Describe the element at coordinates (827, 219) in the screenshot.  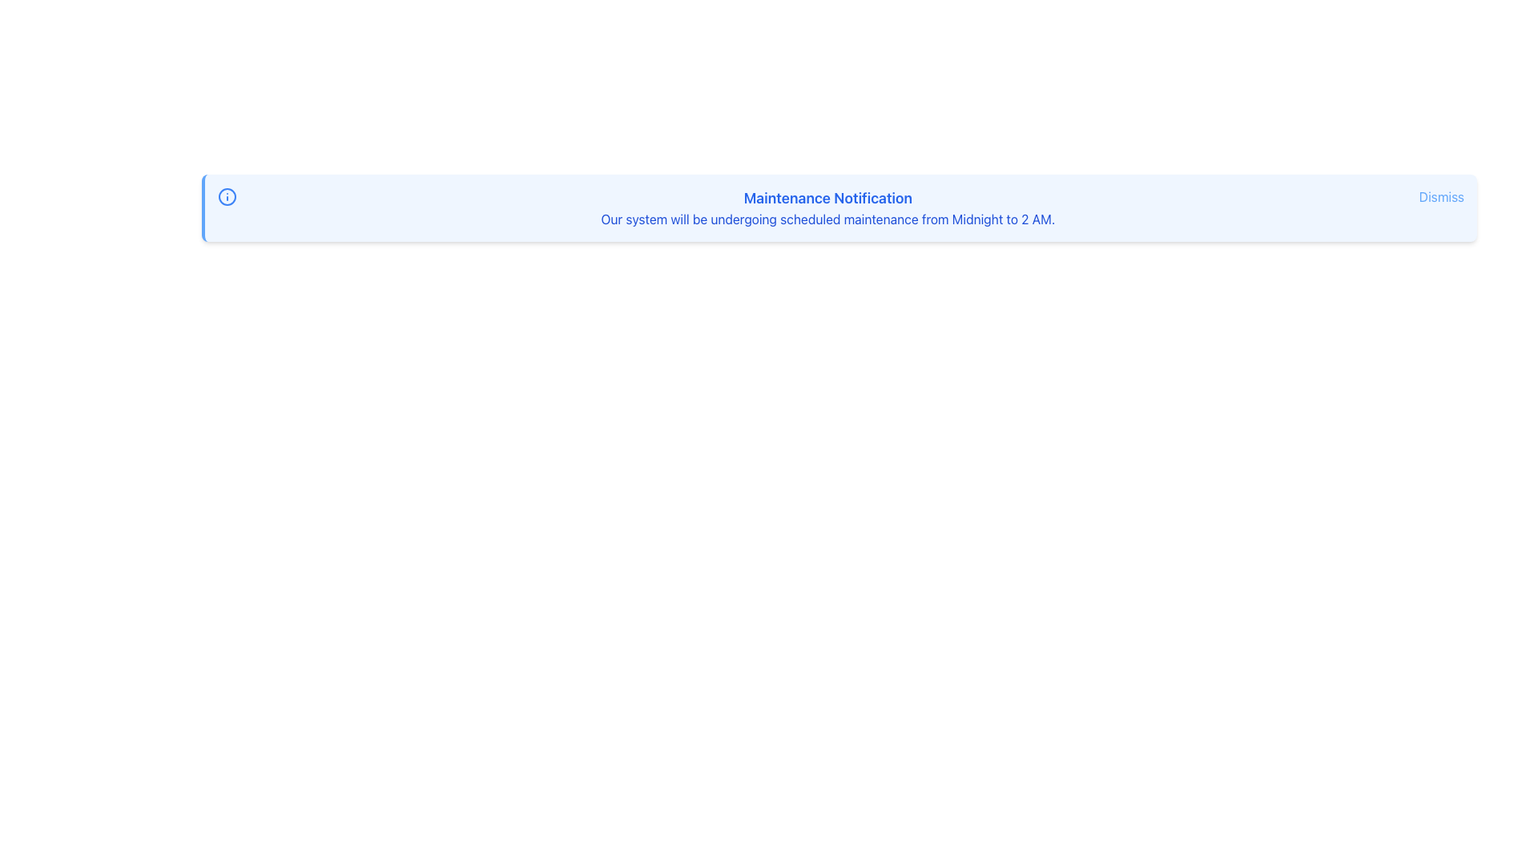
I see `the static text notification 'Our system will be undergoing scheduled maintenance from Midnight to 2 AM.'` at that location.